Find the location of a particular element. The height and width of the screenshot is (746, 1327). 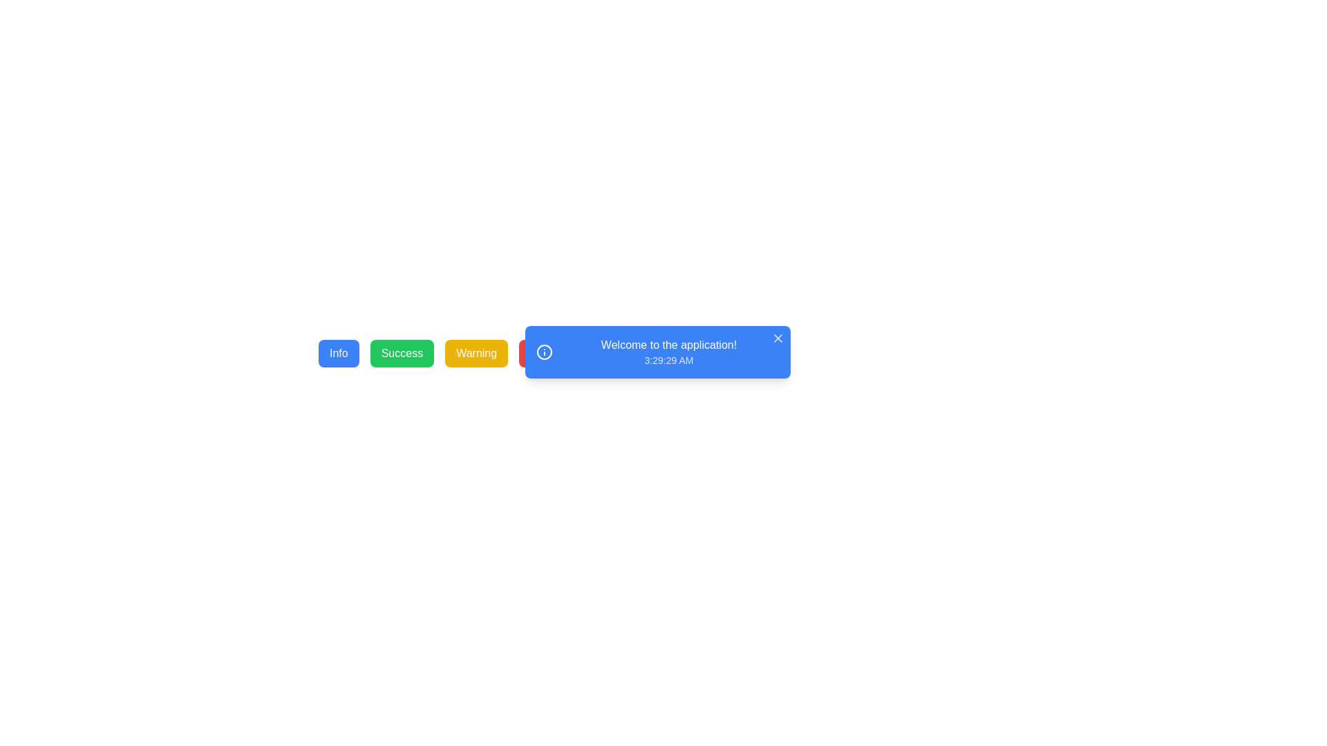

message displayed in the text label saying 'Welcome to the application!' which is centered horizontally at the top of the notification component is located at coordinates (669, 345).